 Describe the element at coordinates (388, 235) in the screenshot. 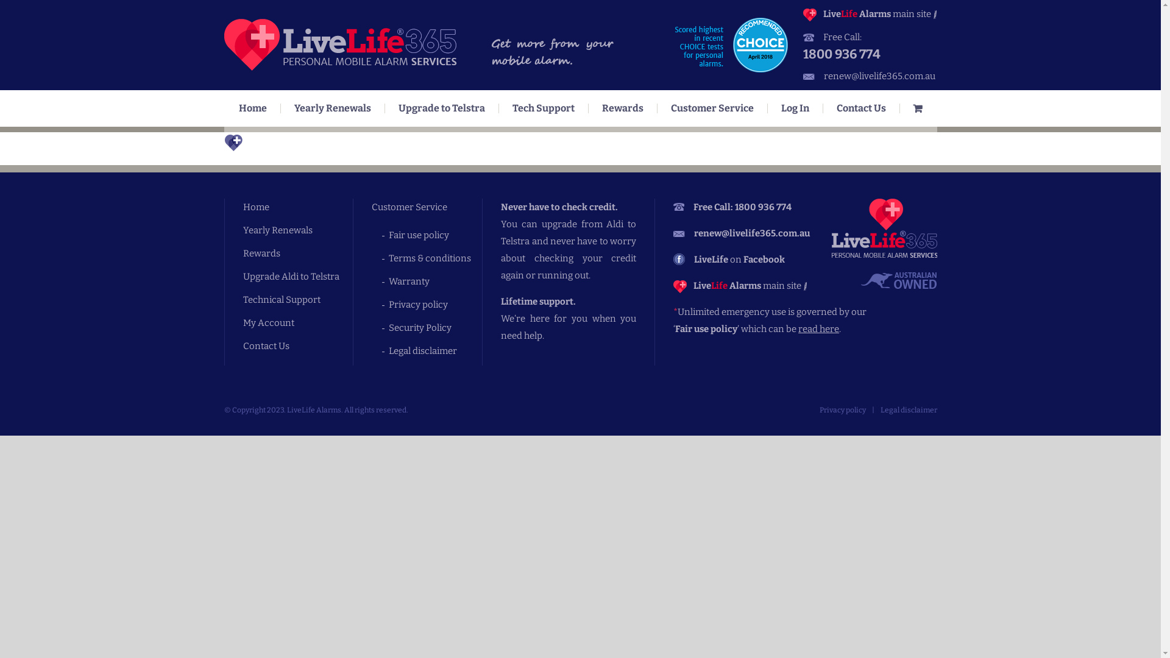

I see `'Fair use policy'` at that location.